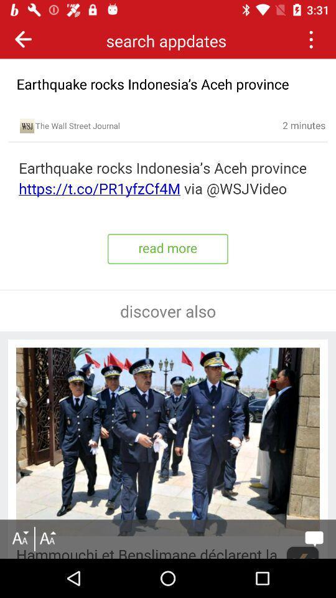 The height and width of the screenshot is (598, 336). I want to click on message, so click(314, 538).